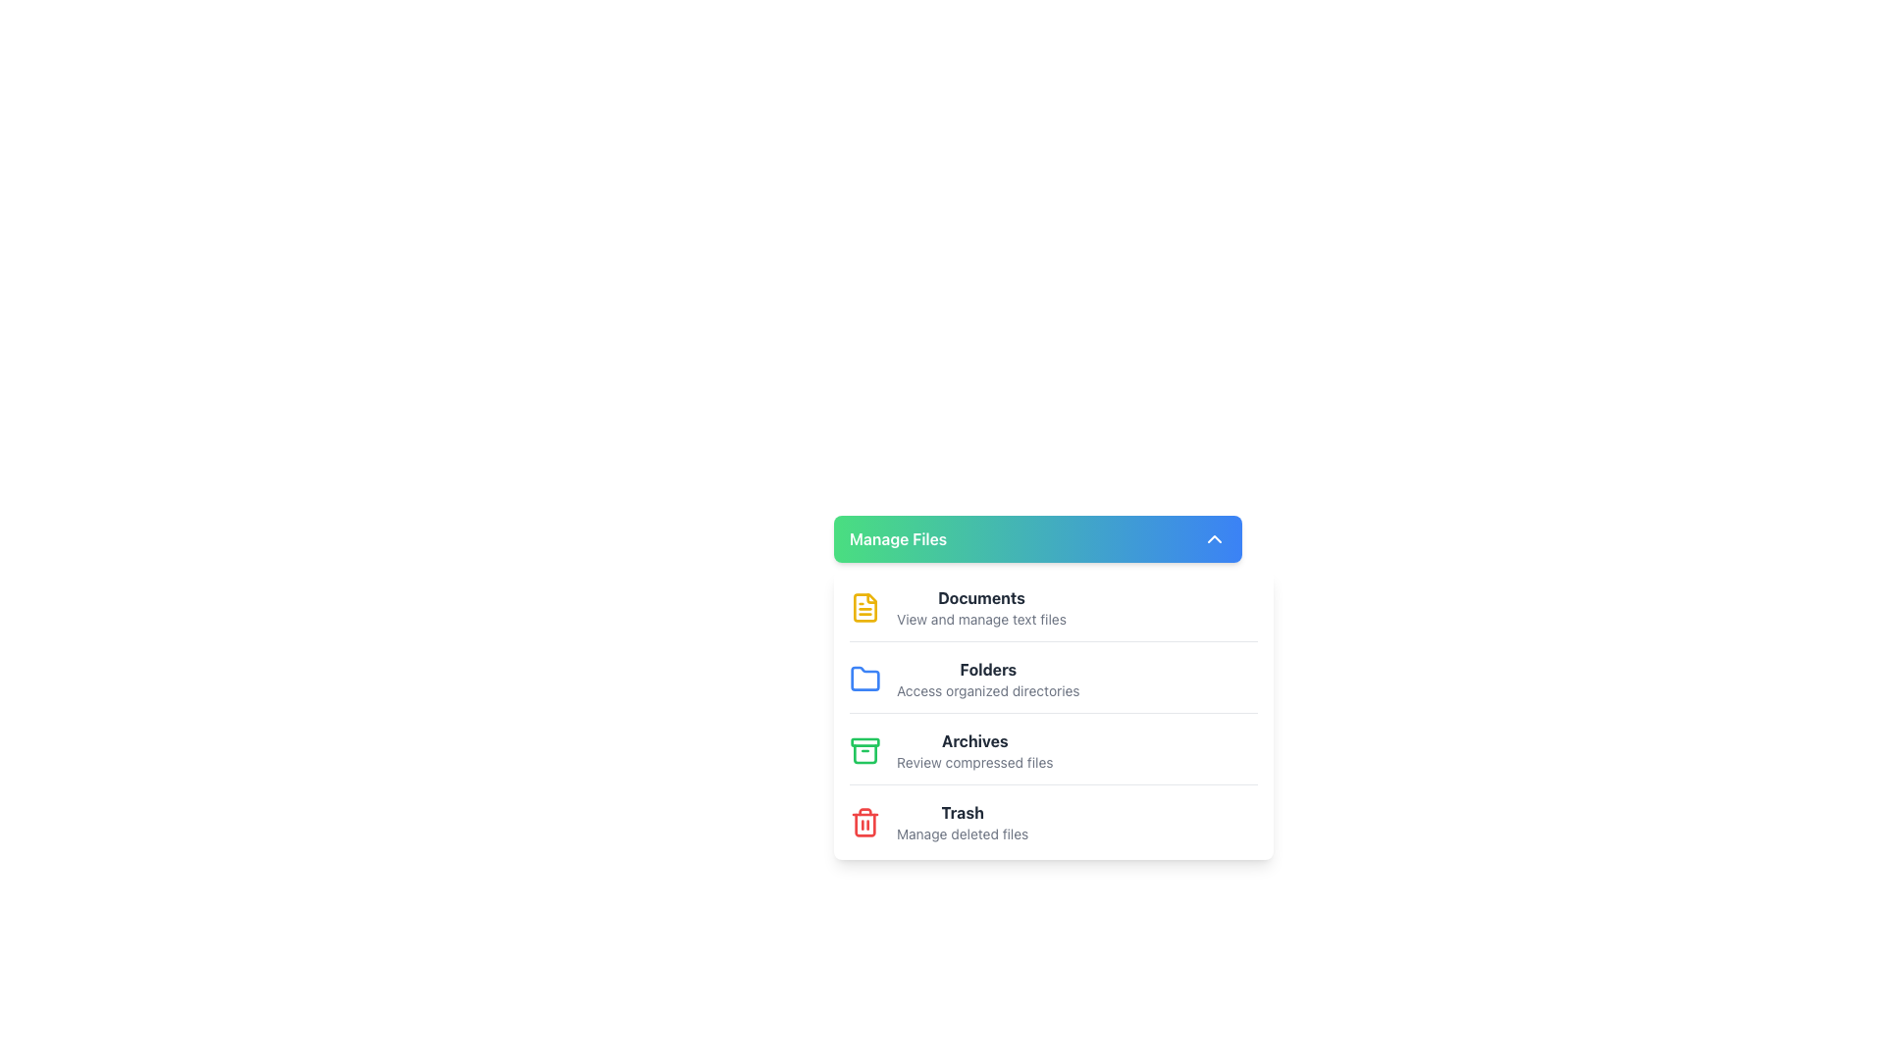  Describe the element at coordinates (864, 607) in the screenshot. I see `the 'Documents' icon located to the left of the text 'Documents' in the section labeled 'Documents View and manage text files.'` at that location.